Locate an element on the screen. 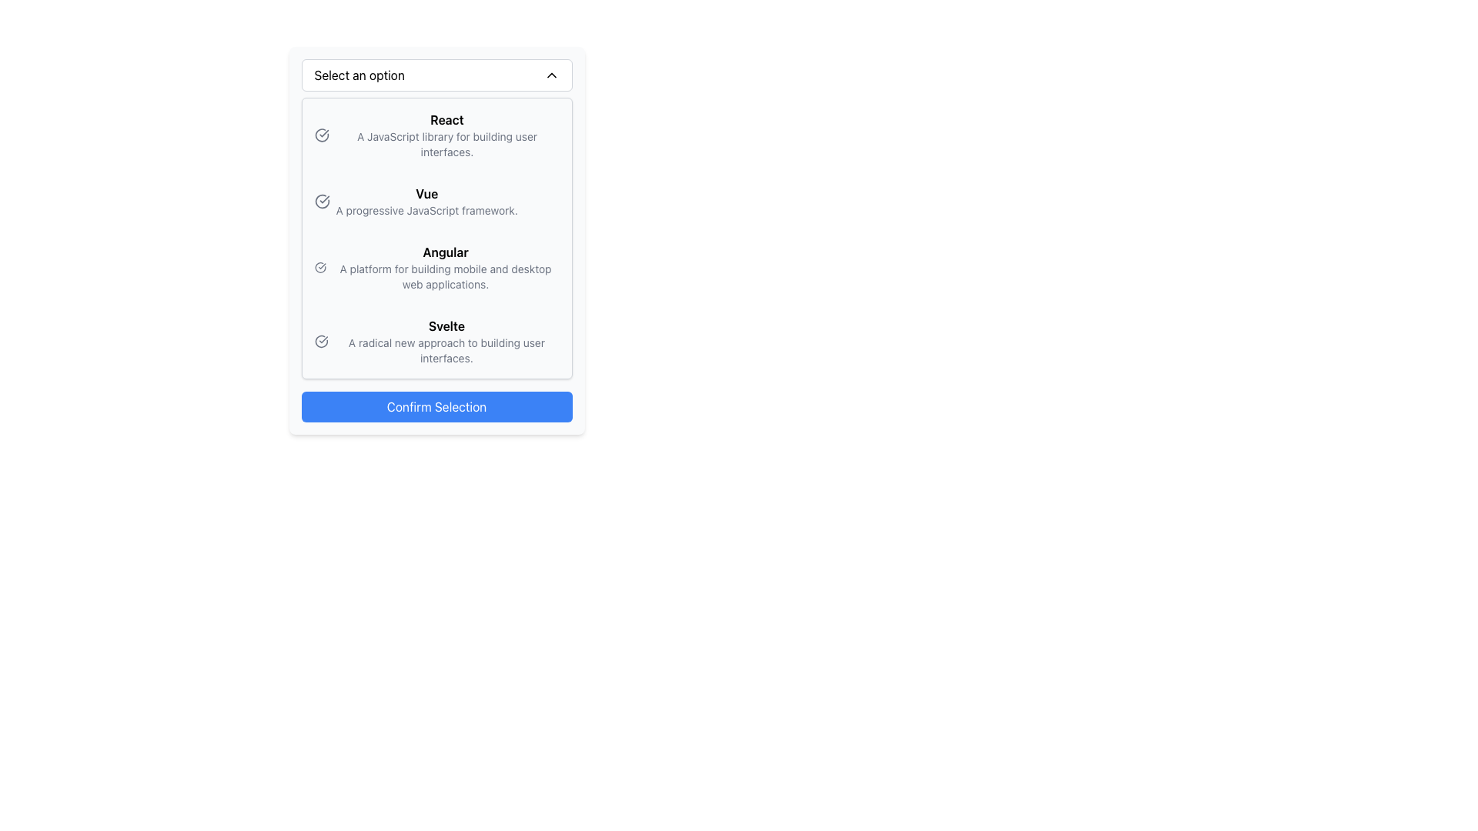 The height and width of the screenshot is (831, 1478). the status indicator icon associated with the 'Angular' option in the selectable list to enhance visual clarity for the user is located at coordinates (319, 266).